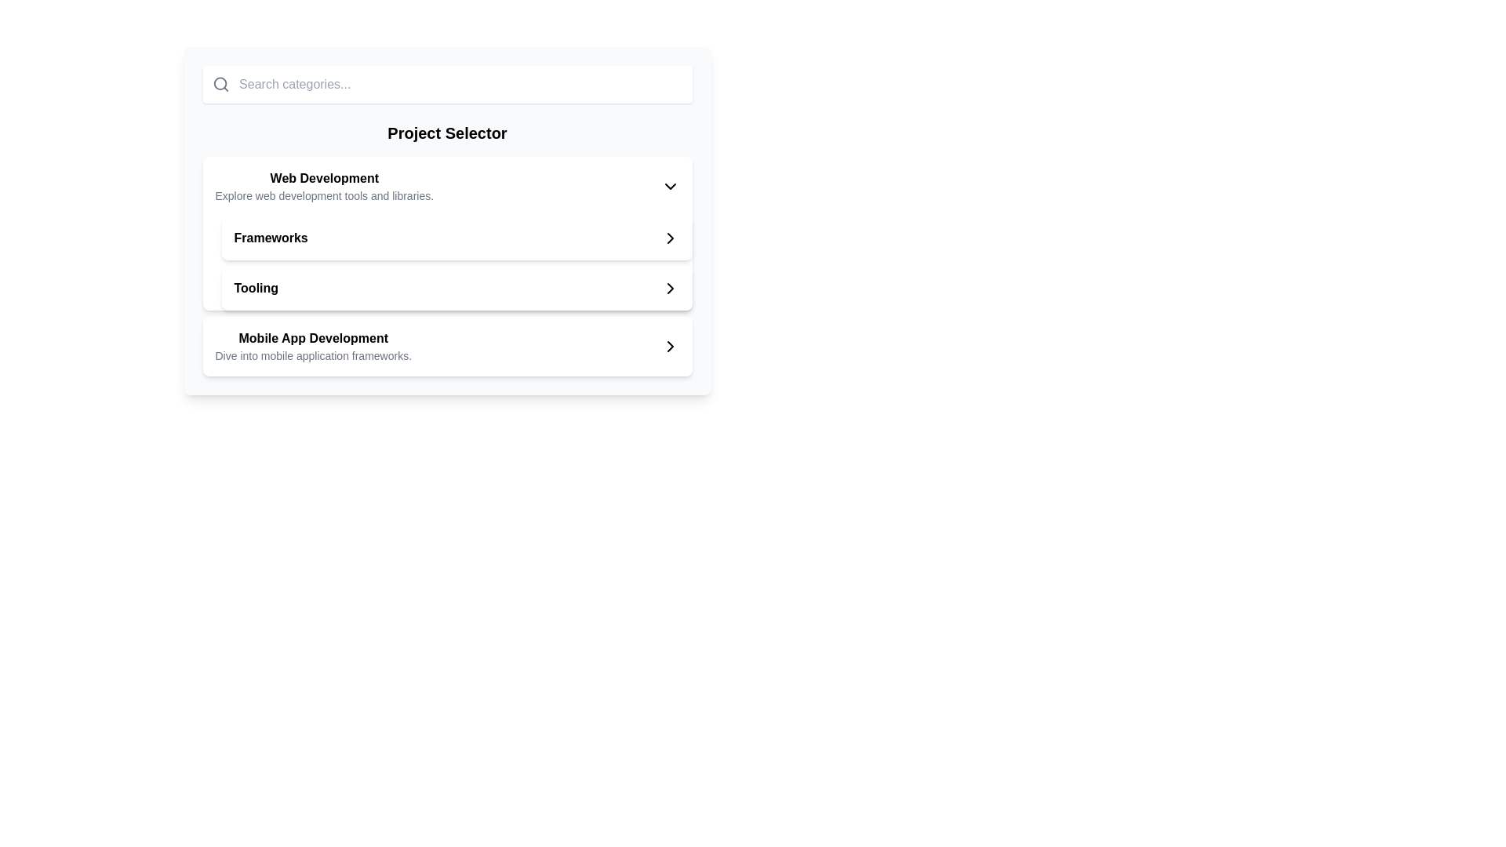 The height and width of the screenshot is (847, 1506). I want to click on the rightward-pointing Chevron icon used for navigation next to the 'Frameworks' entry, so click(670, 238).